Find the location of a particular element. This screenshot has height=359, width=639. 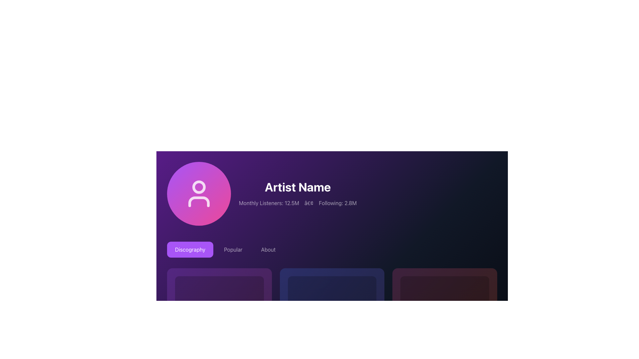

the second button in the horizontal group of three buttons is located at coordinates (233, 250).